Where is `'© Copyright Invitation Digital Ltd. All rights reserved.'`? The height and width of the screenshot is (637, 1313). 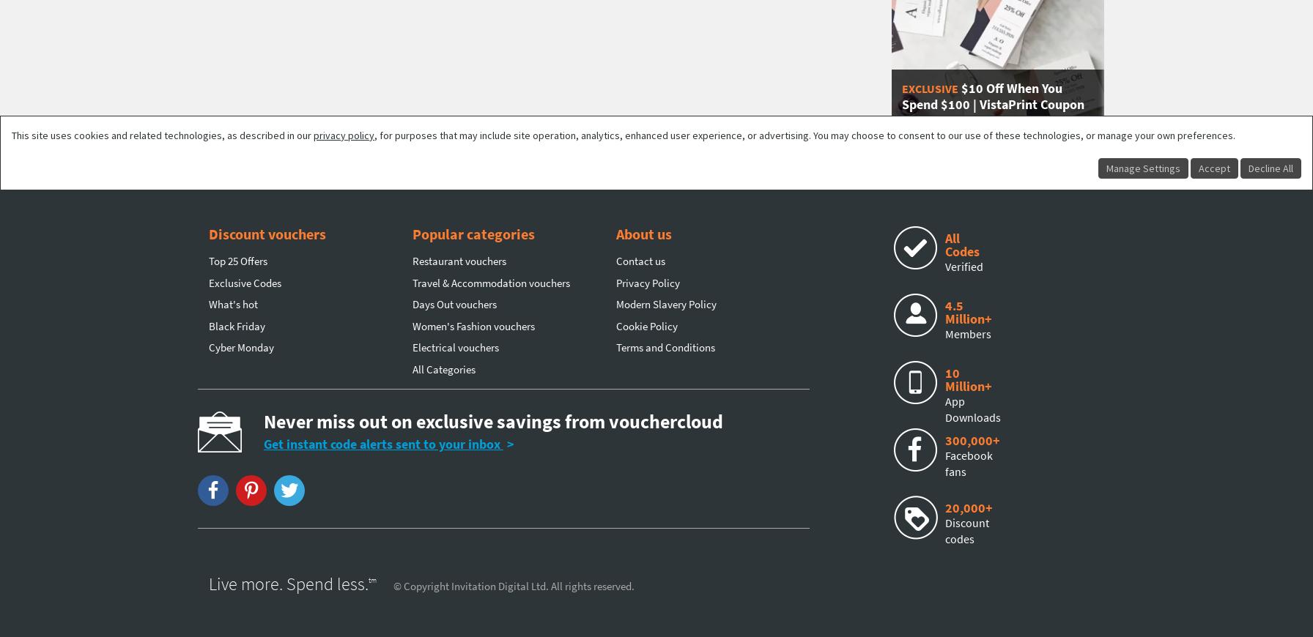 '© Copyright Invitation Digital Ltd. All rights reserved.' is located at coordinates (513, 586).